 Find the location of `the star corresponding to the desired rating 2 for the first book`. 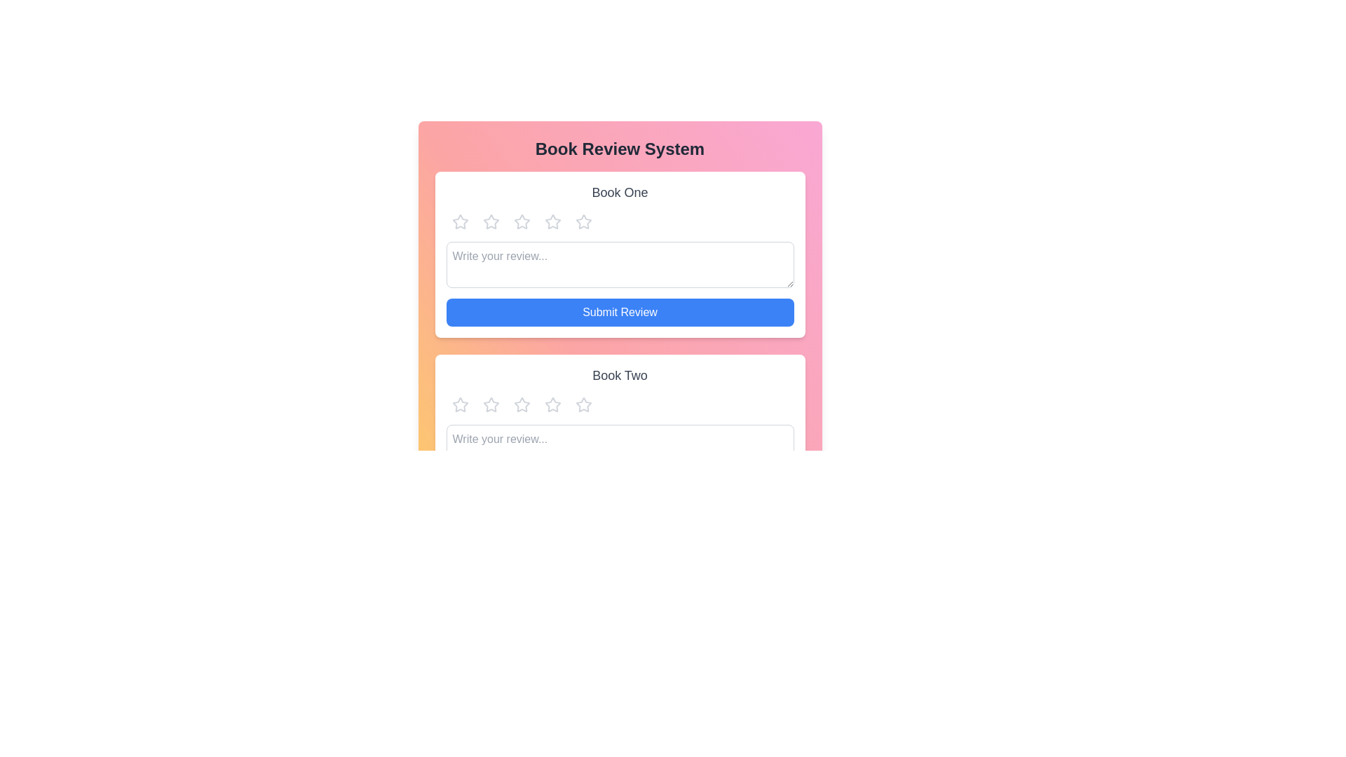

the star corresponding to the desired rating 2 for the first book is located at coordinates (491, 221).